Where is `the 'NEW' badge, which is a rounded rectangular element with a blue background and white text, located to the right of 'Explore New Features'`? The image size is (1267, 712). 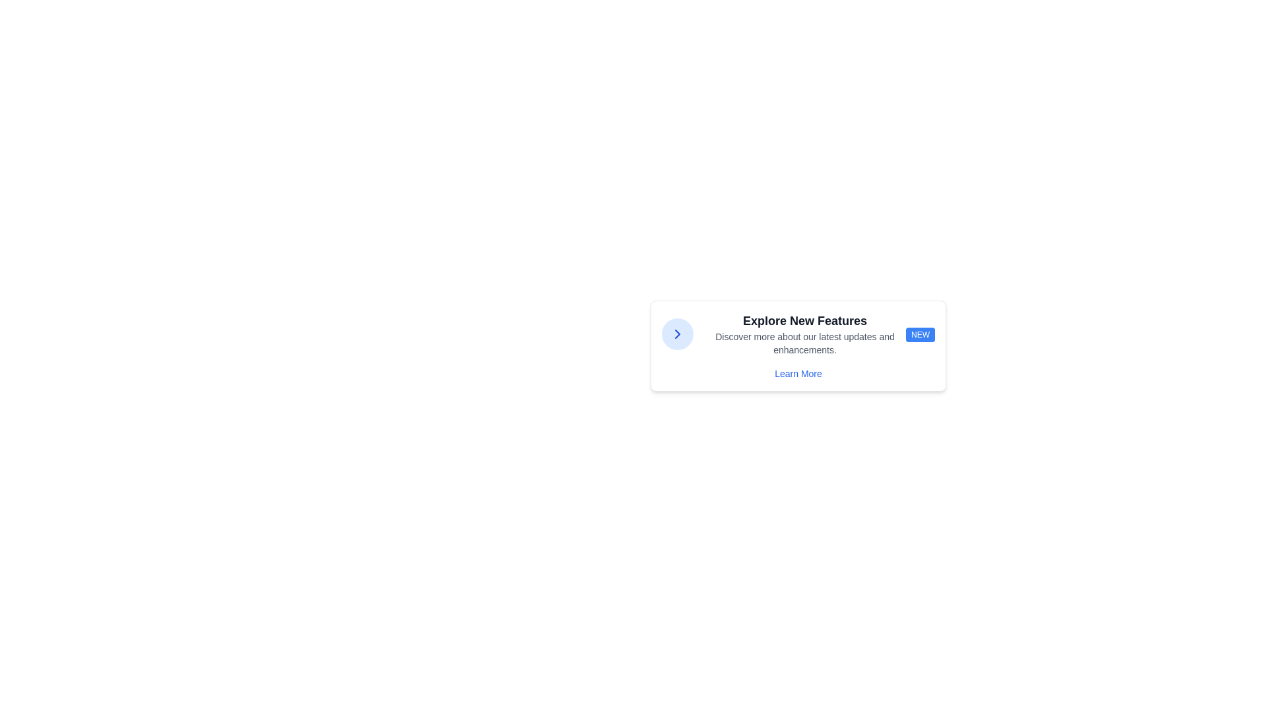
the 'NEW' badge, which is a rounded rectangular element with a blue background and white text, located to the right of 'Explore New Features' is located at coordinates (920, 334).